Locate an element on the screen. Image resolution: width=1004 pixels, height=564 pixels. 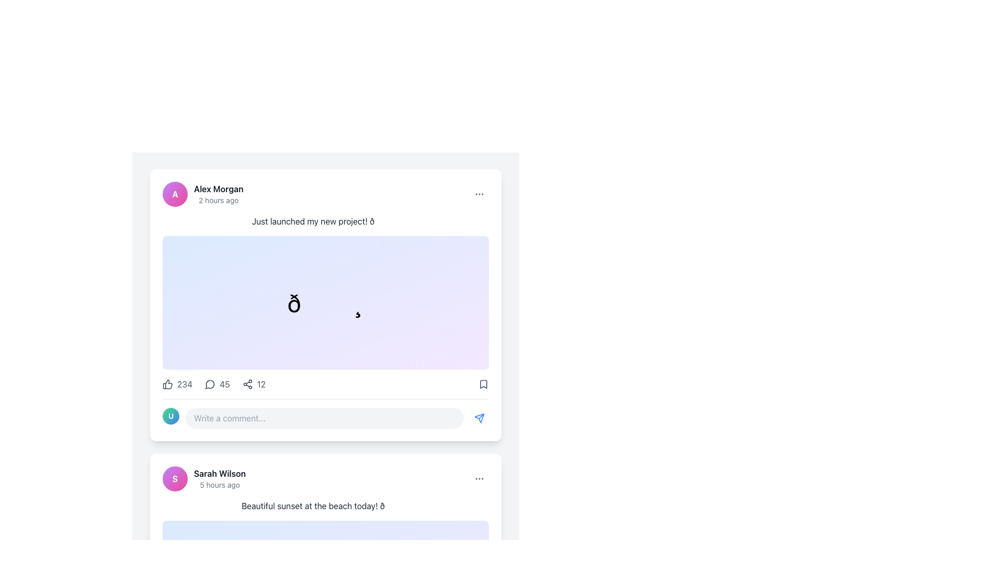
the send action button icon located at the bottom-right corner of the post box is located at coordinates (478, 418).